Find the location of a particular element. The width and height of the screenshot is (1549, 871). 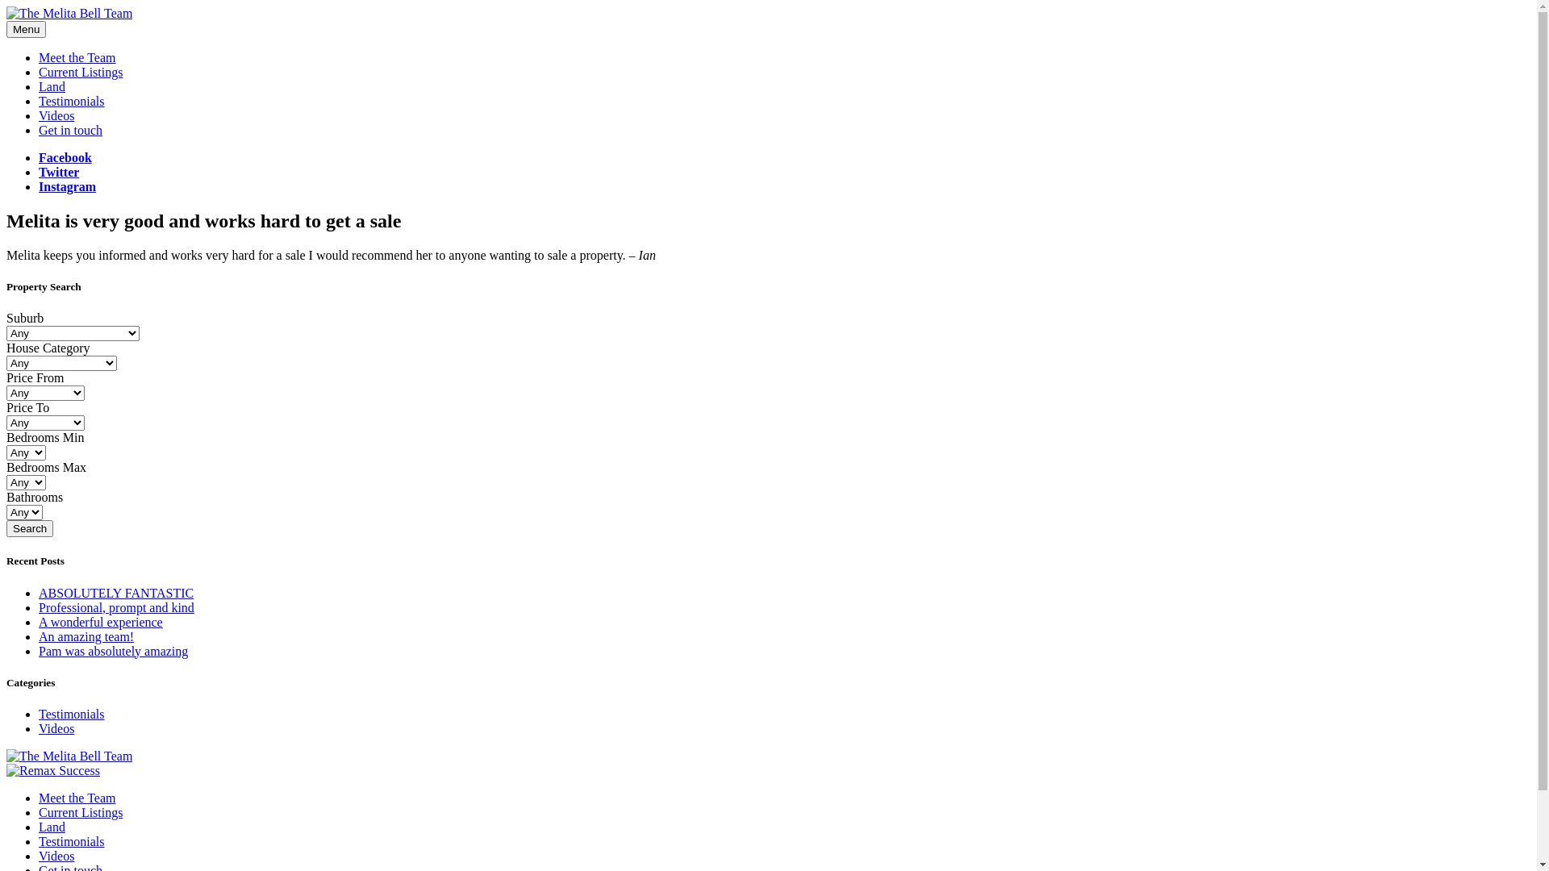

'Get in touch' is located at coordinates (69, 129).